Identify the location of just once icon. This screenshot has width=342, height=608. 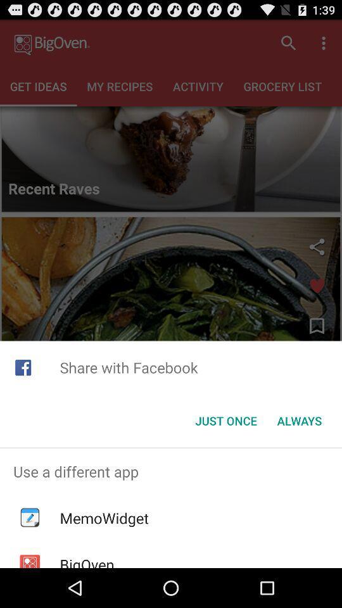
(225, 421).